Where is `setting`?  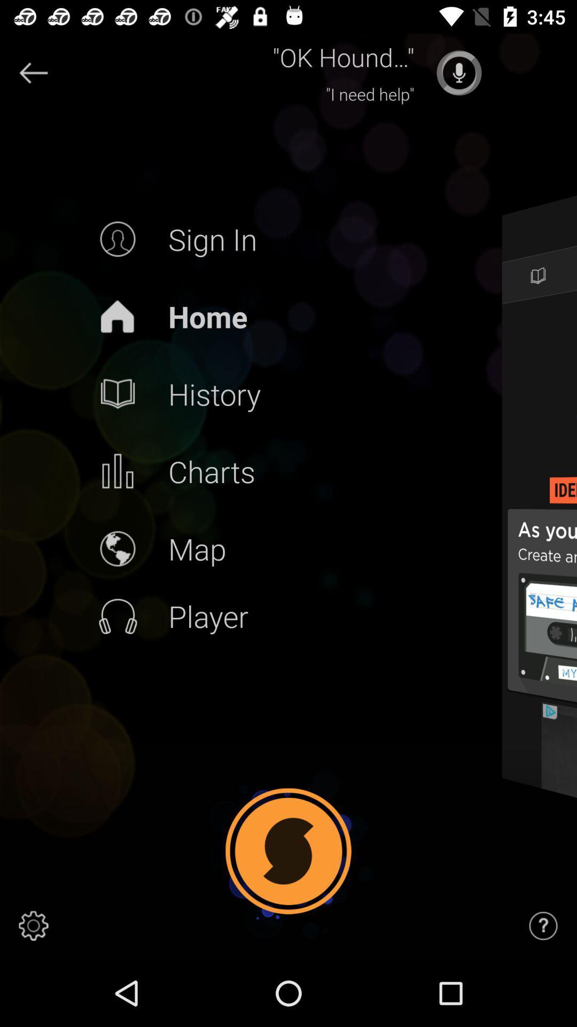 setting is located at coordinates (33, 925).